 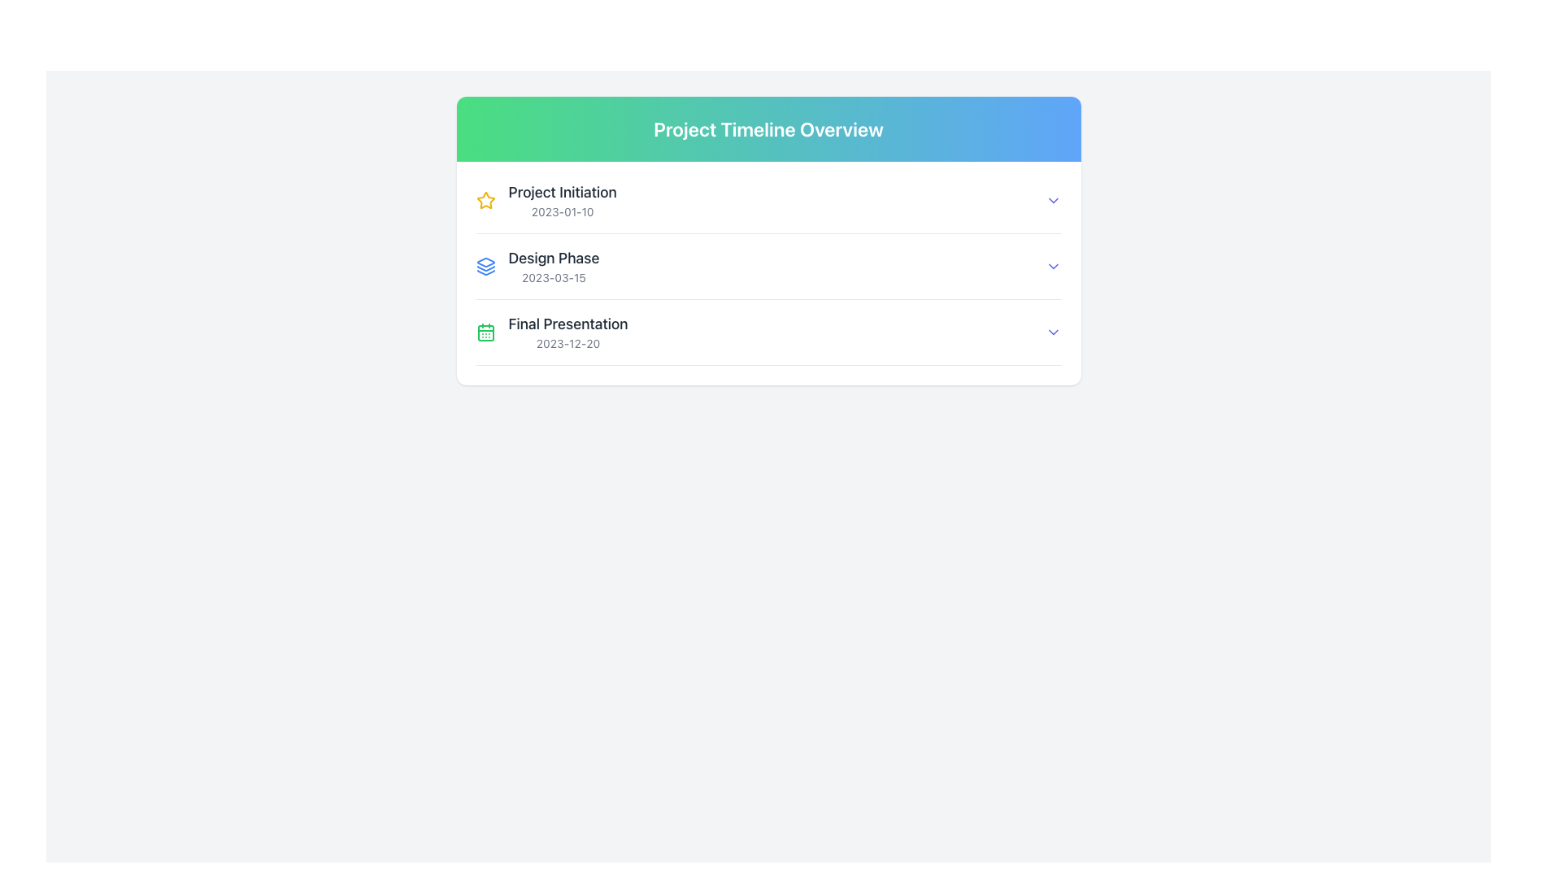 I want to click on the 'Design Phase' text label, which is the title of the second item in a project phase list, styled with a medium-weight font and dark-gray color, so click(x=554, y=257).